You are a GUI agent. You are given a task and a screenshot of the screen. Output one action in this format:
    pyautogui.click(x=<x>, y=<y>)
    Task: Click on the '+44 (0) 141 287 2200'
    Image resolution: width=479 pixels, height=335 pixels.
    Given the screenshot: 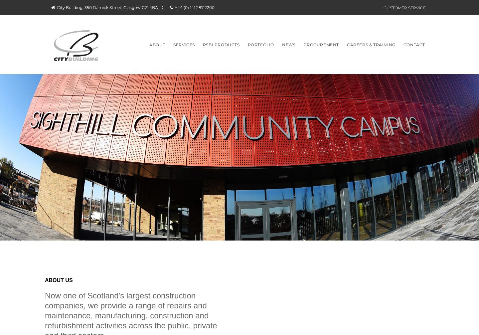 What is the action you would take?
    pyautogui.click(x=174, y=7)
    